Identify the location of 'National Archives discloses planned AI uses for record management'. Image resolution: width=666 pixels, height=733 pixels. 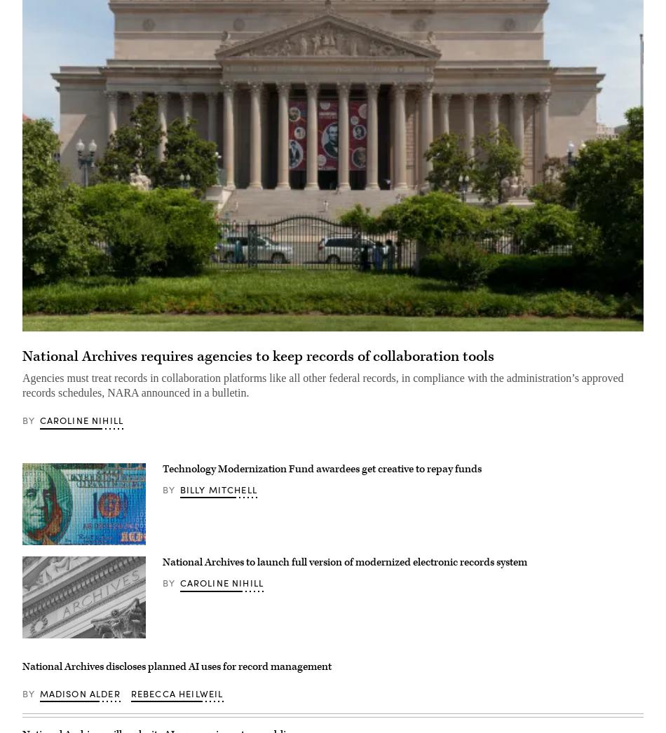
(176, 666).